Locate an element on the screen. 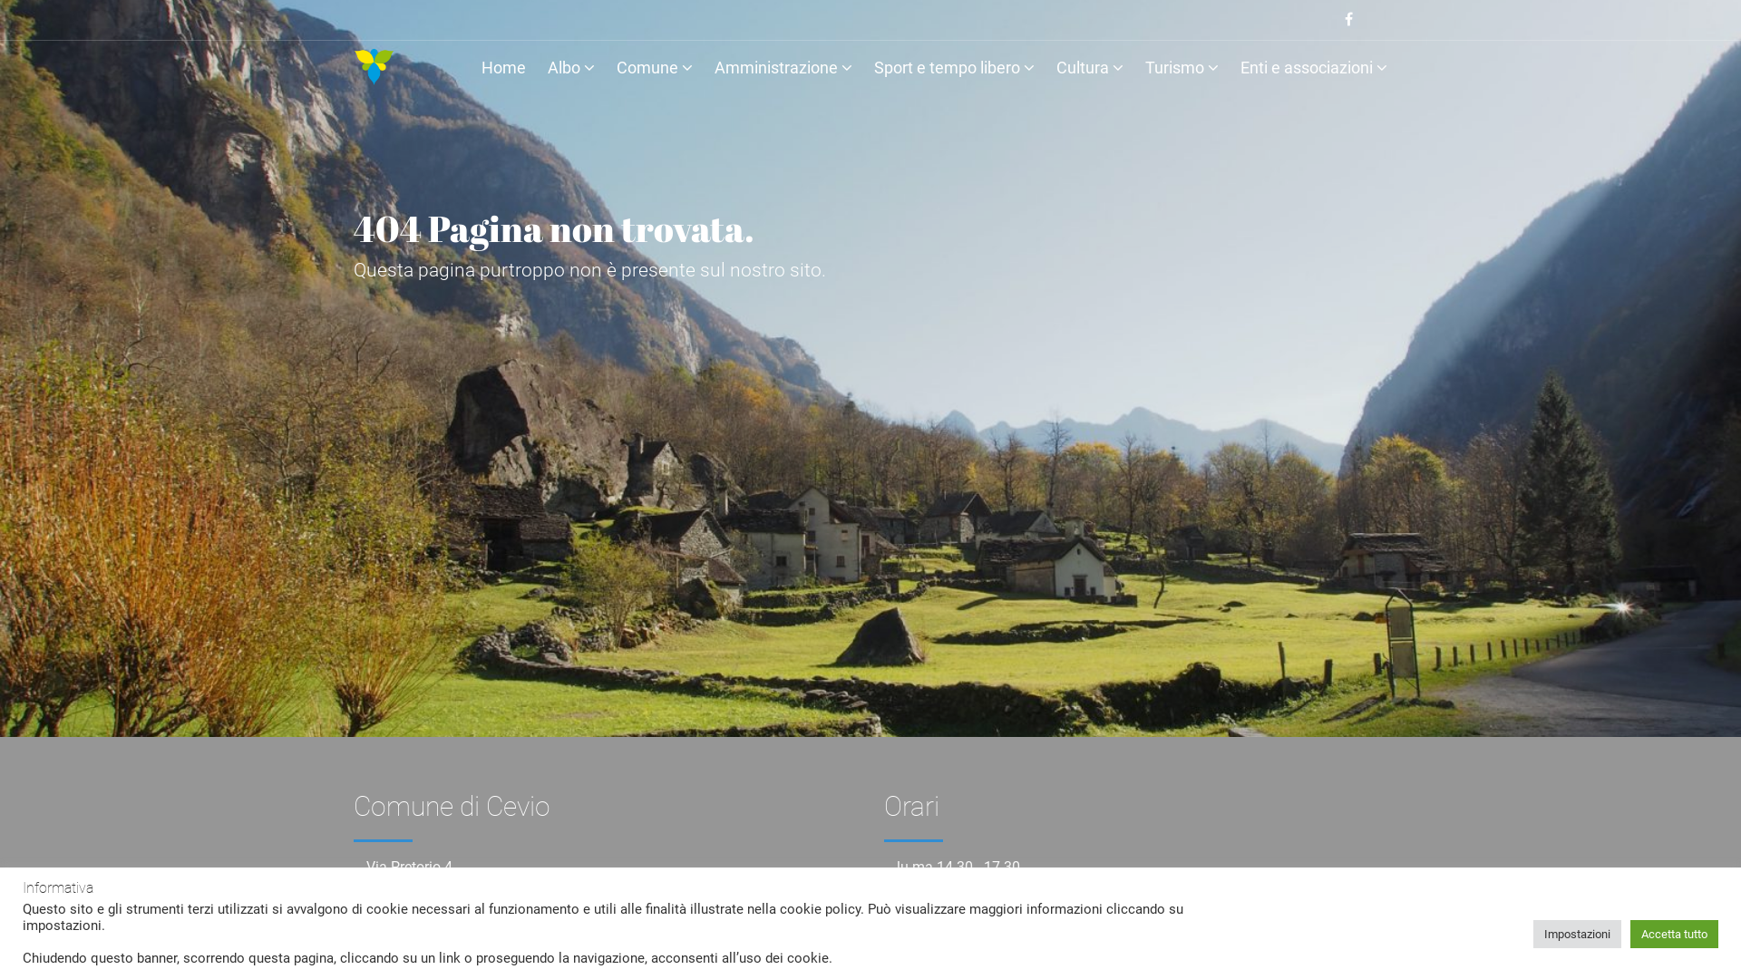 This screenshot has height=979, width=1741. 'Albo' is located at coordinates (547, 70).